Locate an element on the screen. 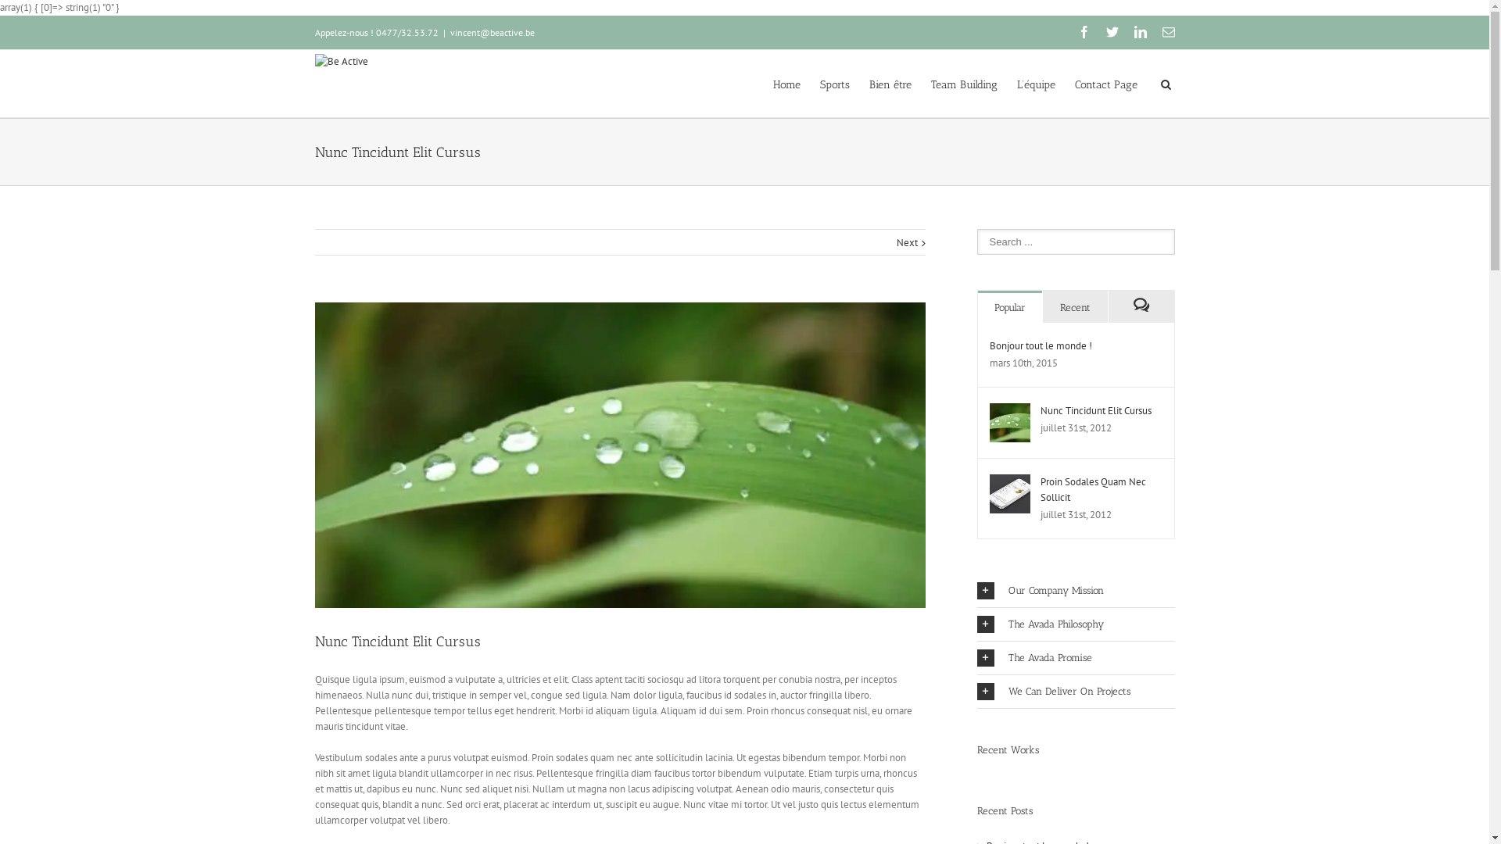  'Facebook' is located at coordinates (1083, 32).